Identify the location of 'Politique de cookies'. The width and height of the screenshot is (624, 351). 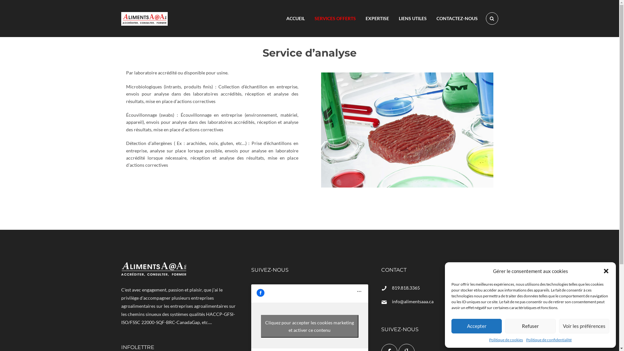
(505, 339).